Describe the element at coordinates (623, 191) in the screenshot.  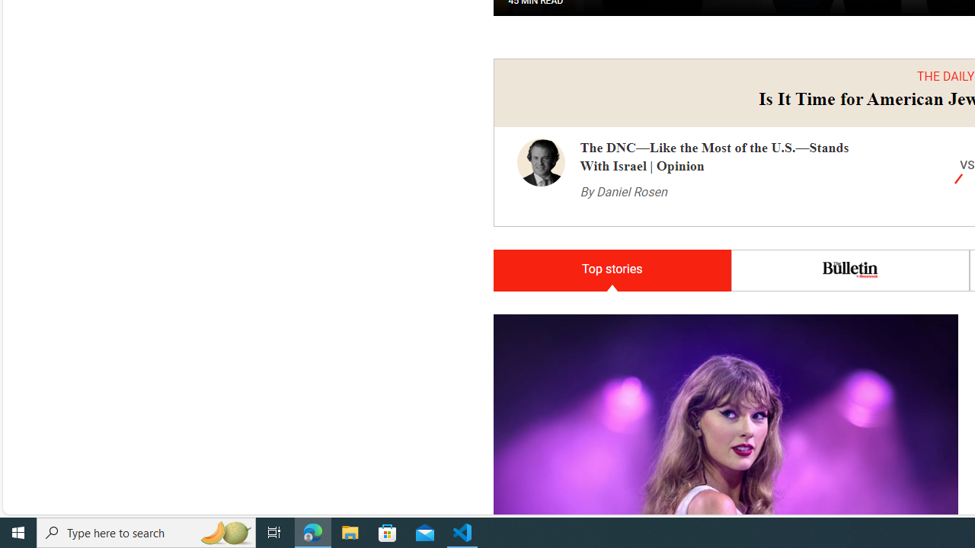
I see `'By Daniel Rosen'` at that location.